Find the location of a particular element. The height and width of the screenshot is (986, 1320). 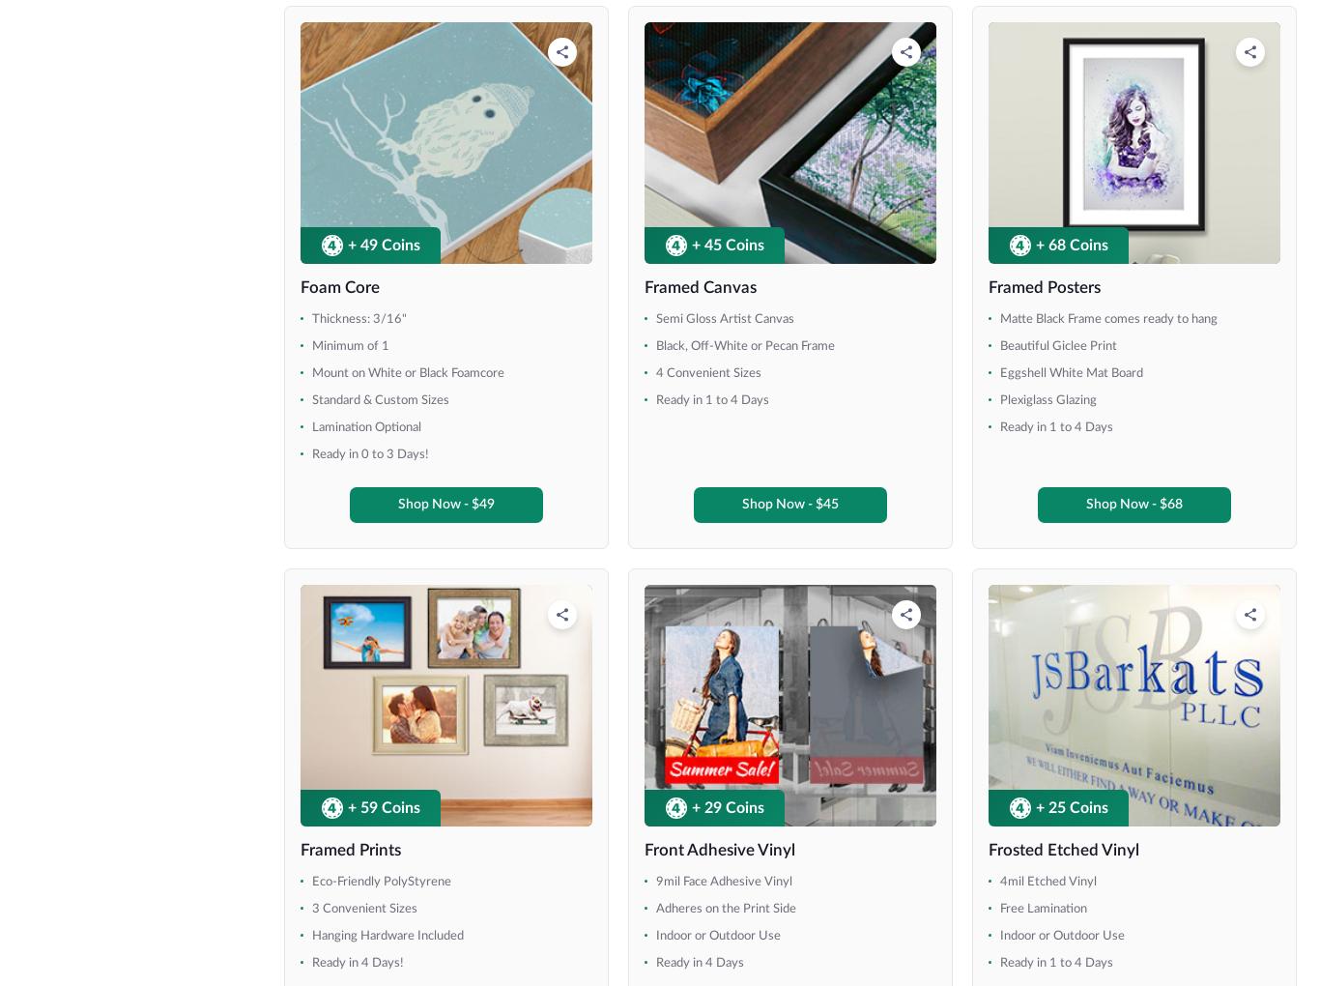

'Custom Size' is located at coordinates (88, 503).